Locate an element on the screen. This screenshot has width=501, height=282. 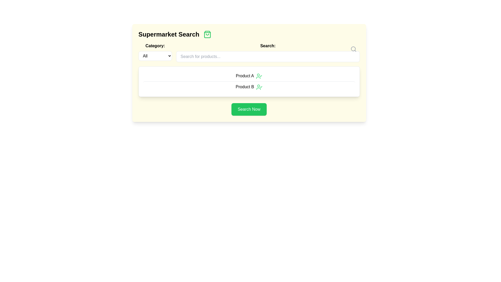
the shopping icon located to the right of the 'Supermarket Search' title in the header of the interface is located at coordinates (207, 34).